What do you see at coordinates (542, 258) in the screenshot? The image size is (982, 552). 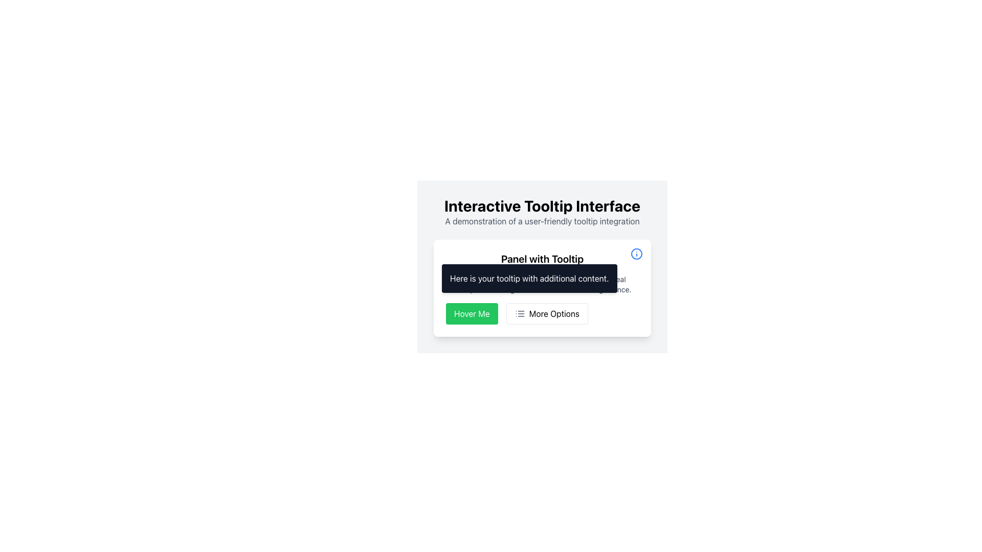 I see `the static text label styled as a header that contains the content 'Panel with Tooltip', located near the top-center of the white panel` at bounding box center [542, 258].